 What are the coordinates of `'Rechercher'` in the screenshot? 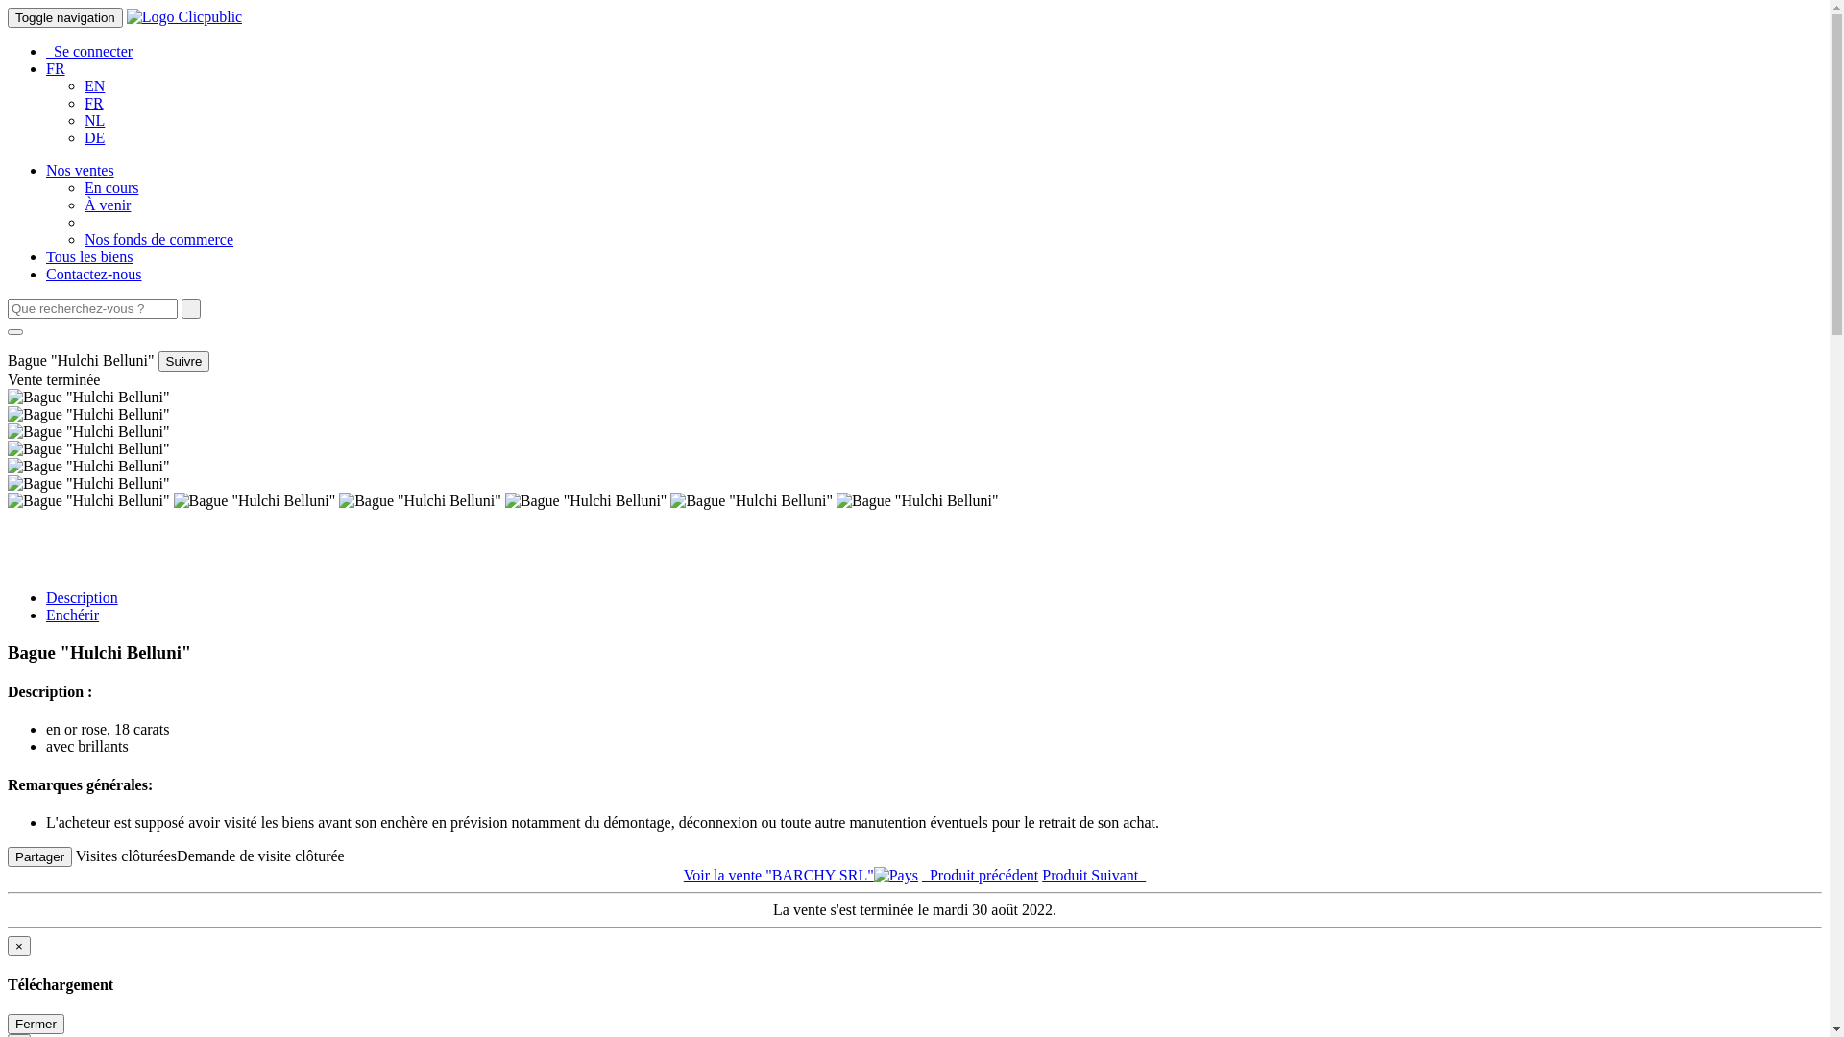 It's located at (8, 331).